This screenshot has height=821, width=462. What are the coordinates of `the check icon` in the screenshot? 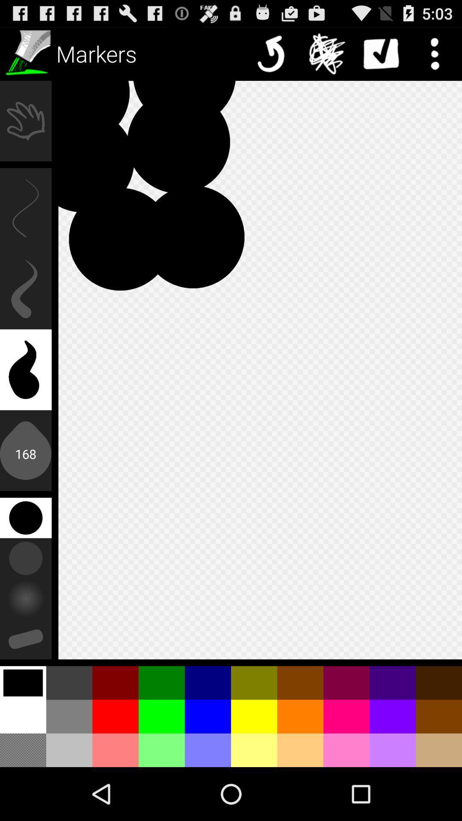 It's located at (381, 53).